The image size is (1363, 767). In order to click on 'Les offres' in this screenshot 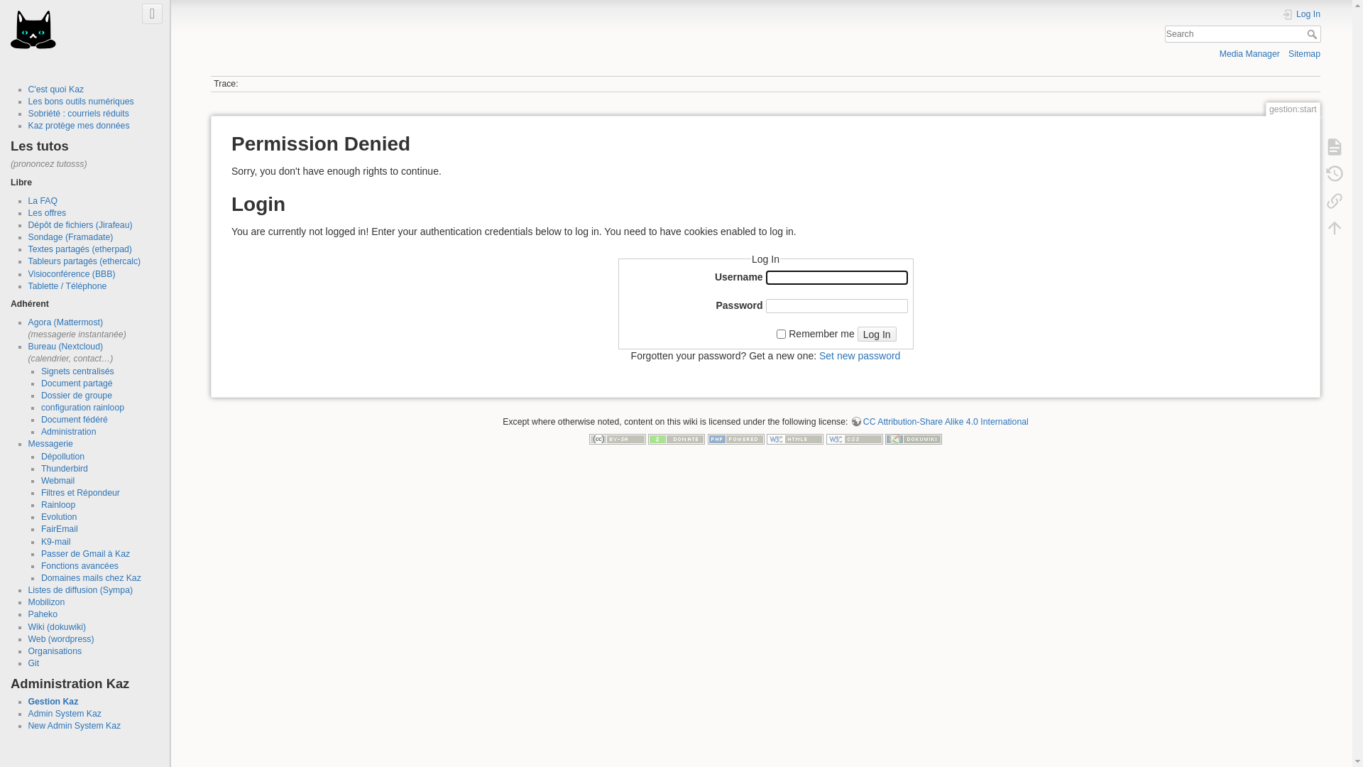, I will do `click(48, 213)`.